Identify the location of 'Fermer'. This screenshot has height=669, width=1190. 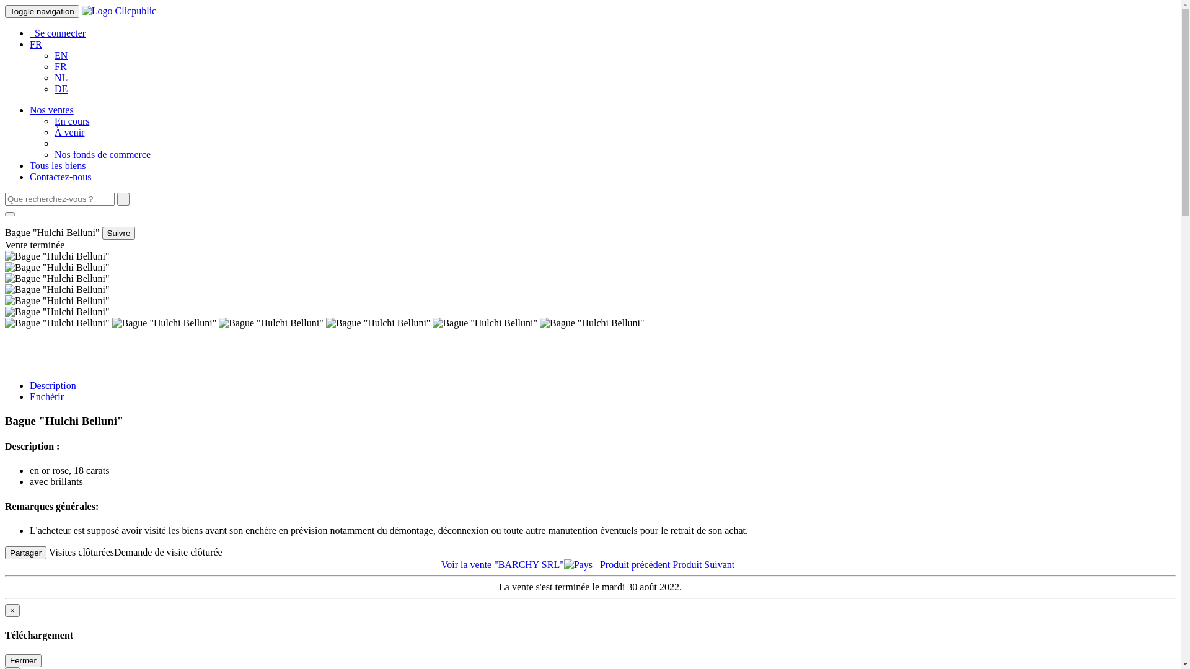
(5, 660).